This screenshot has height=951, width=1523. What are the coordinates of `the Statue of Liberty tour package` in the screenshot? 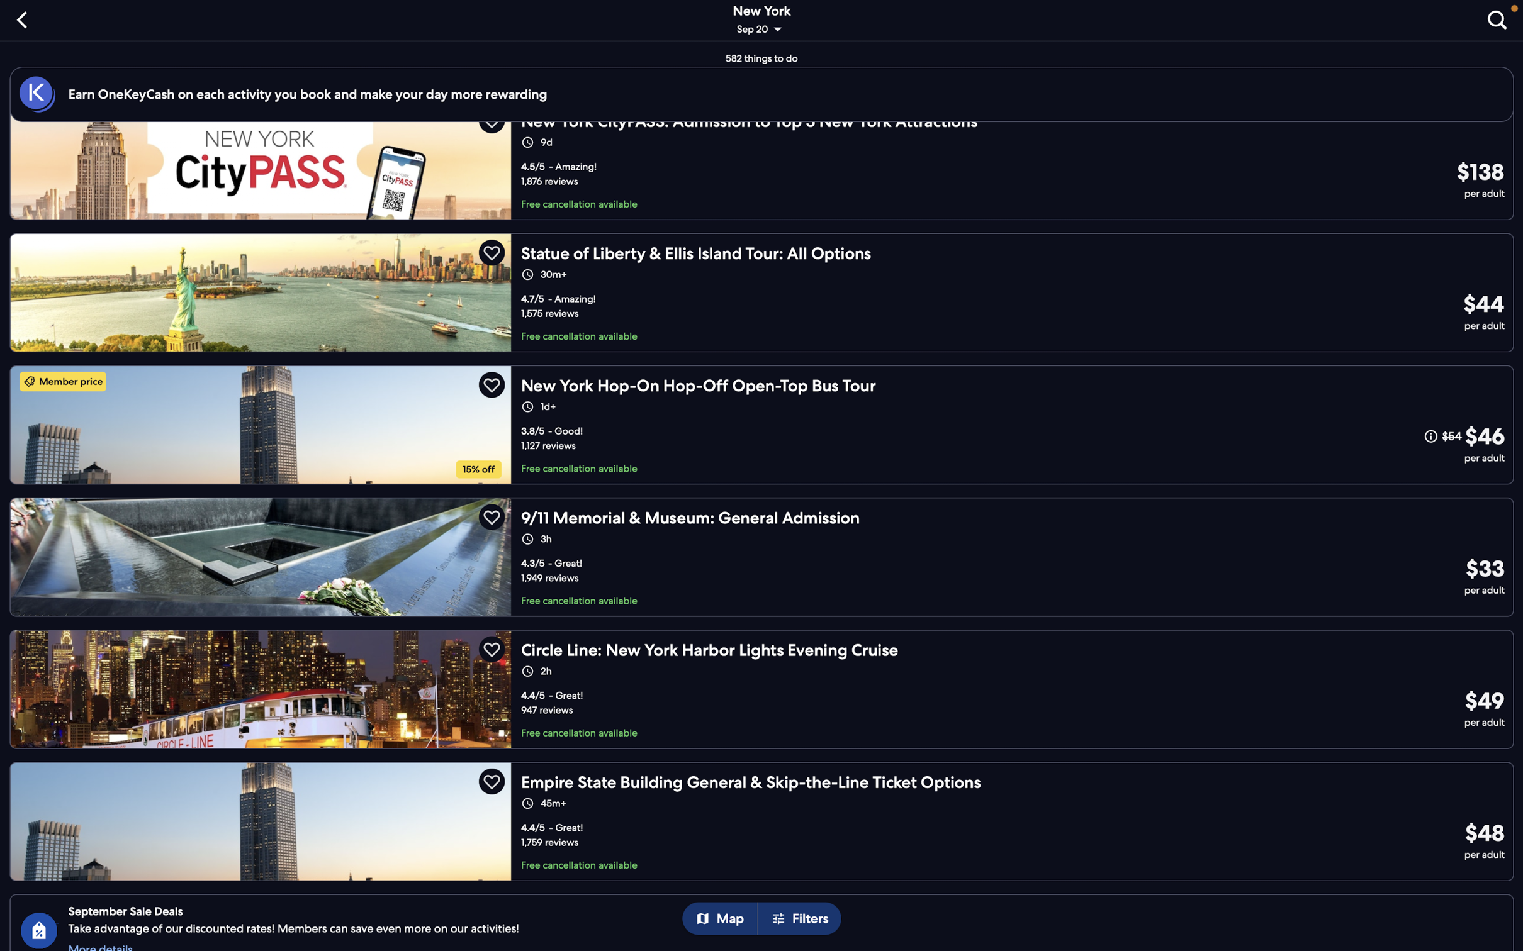 It's located at (763, 290).